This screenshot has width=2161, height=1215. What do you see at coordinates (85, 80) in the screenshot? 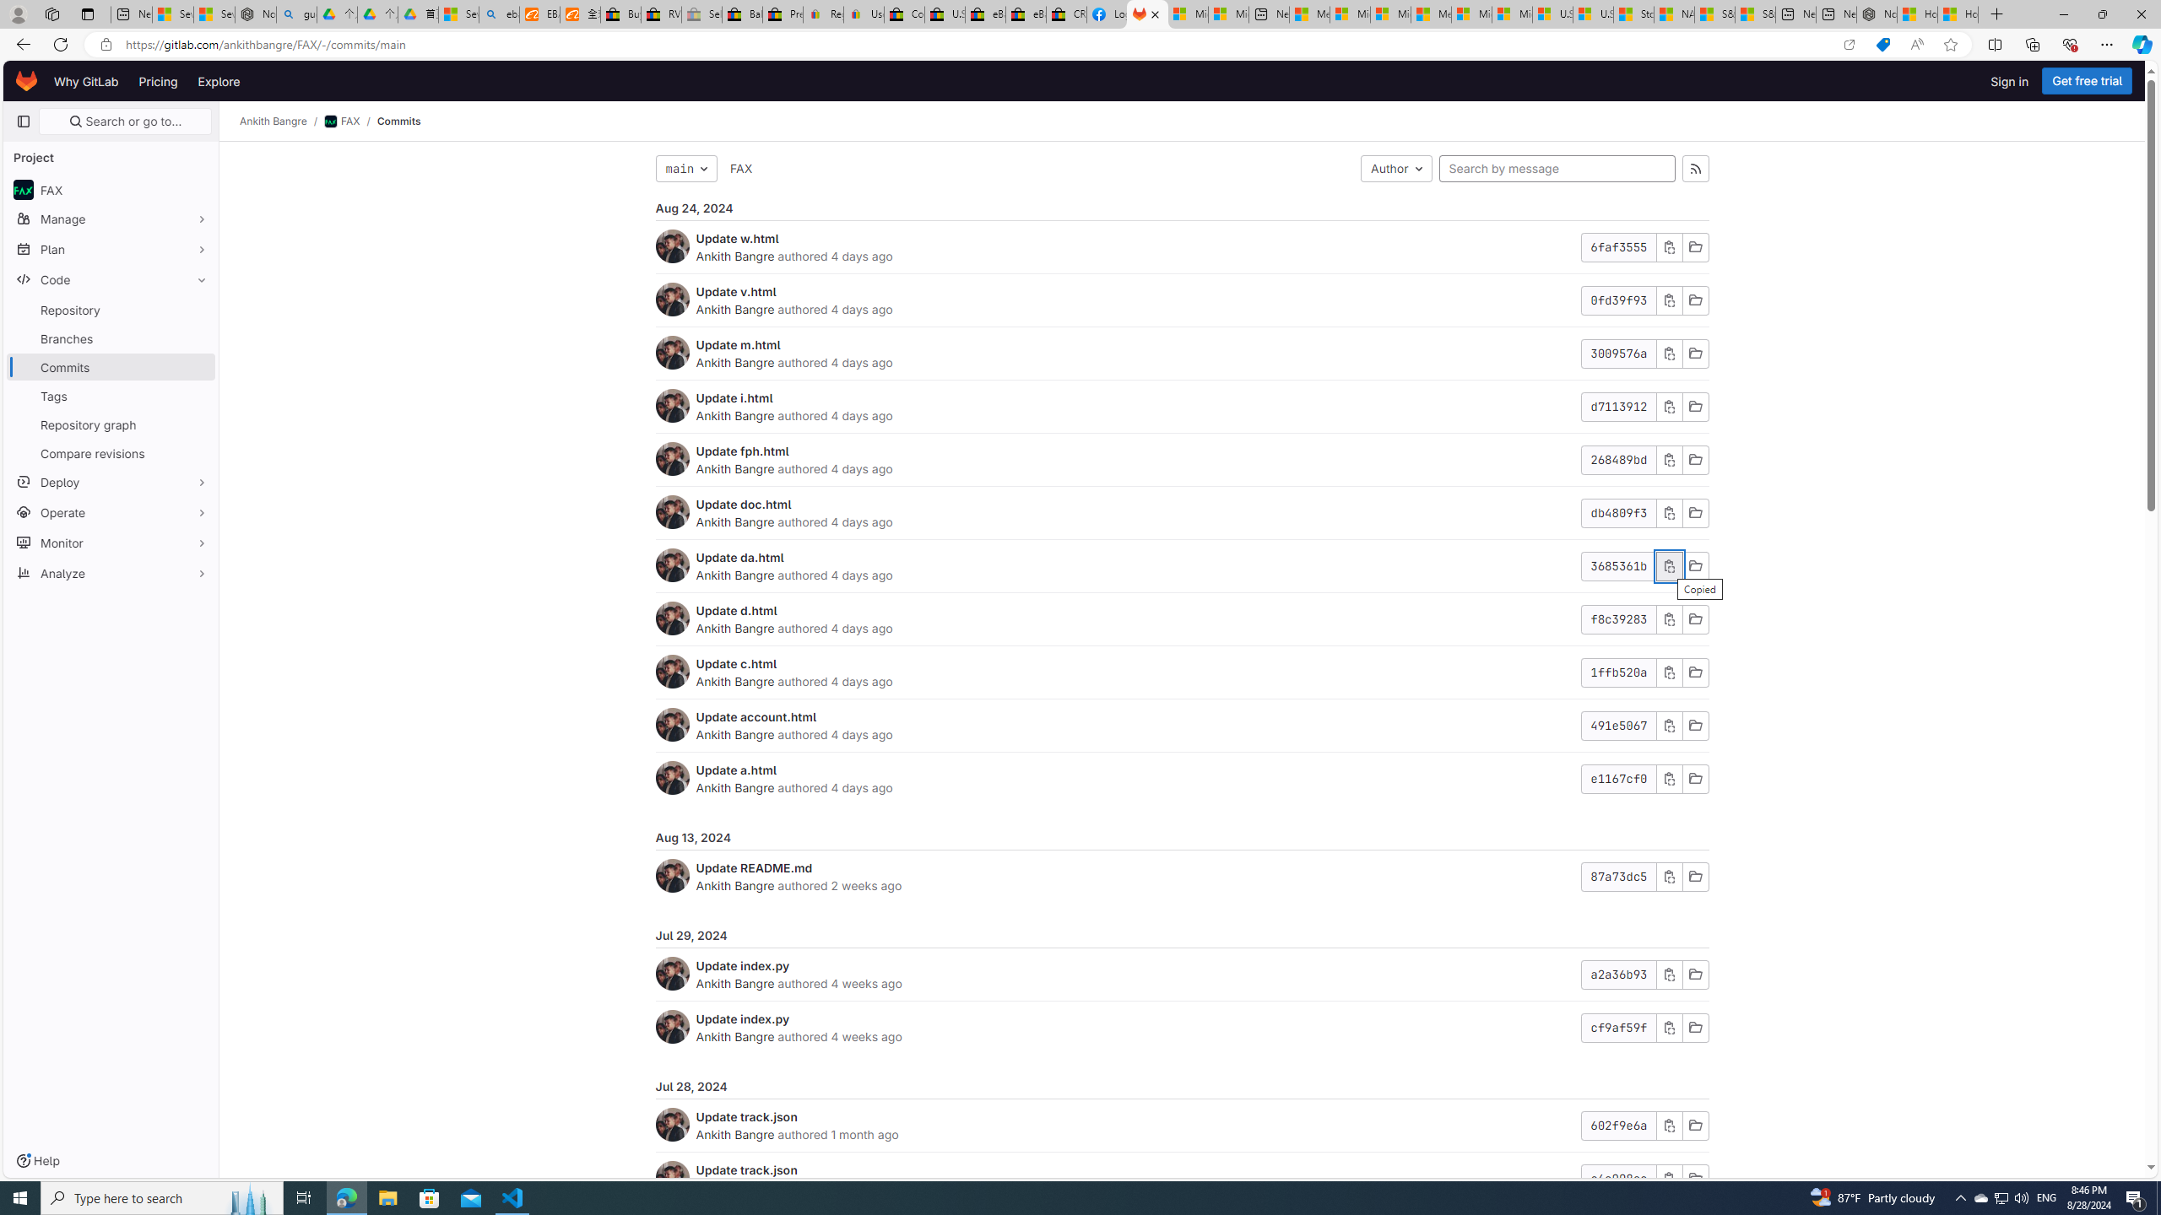
I see `'Why GitLab'` at bounding box center [85, 80].